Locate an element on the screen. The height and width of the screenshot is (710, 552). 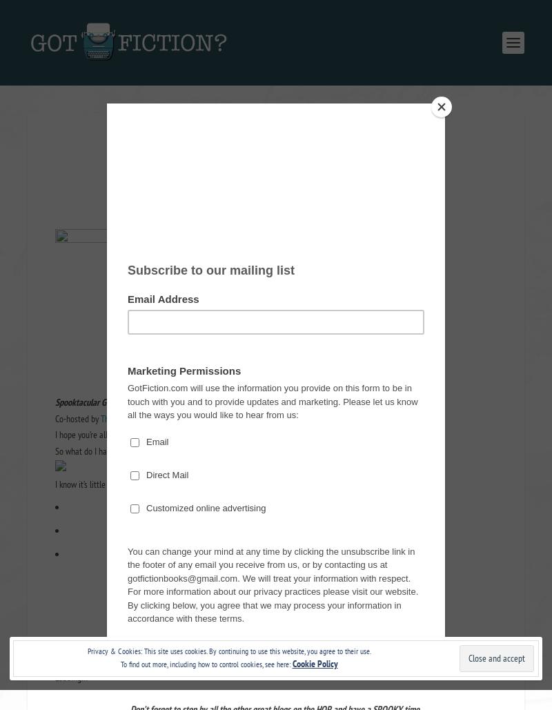
'Cookie Policy' is located at coordinates (313, 663).